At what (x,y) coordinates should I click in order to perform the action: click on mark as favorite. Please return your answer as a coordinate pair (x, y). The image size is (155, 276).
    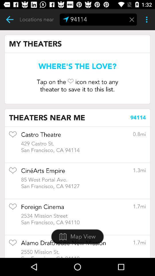
    Looking at the image, I should click on (13, 172).